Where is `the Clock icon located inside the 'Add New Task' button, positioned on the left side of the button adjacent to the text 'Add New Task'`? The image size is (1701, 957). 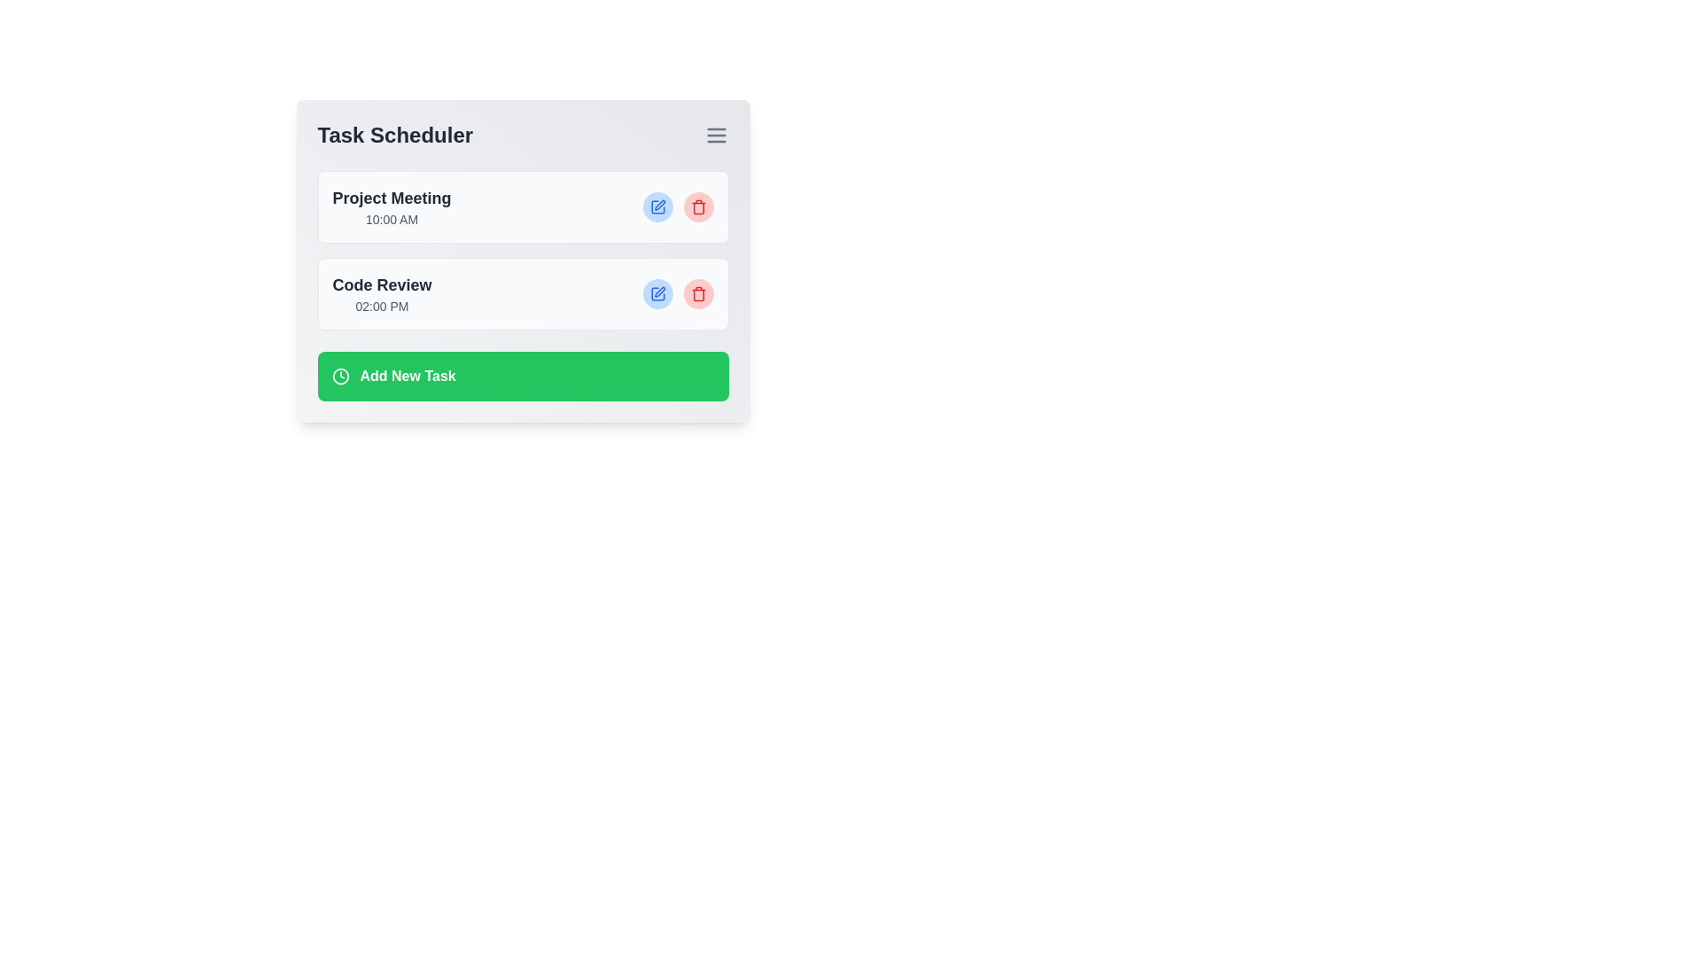
the Clock icon located inside the 'Add New Task' button, positioned on the left side of the button adjacent to the text 'Add New Task' is located at coordinates (340, 375).